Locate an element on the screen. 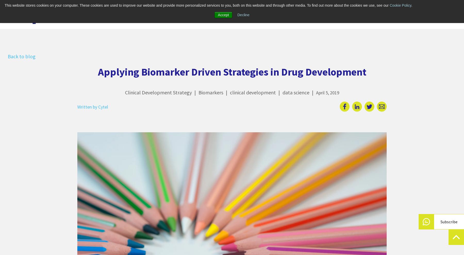  'Biomarkers' is located at coordinates (211, 92).